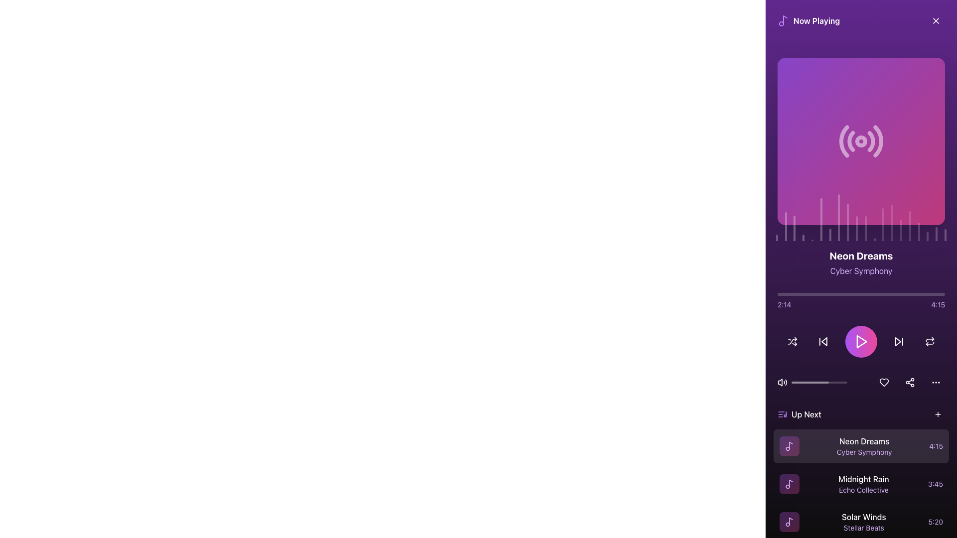  I want to click on the media control button that skips backward to the previous track, which is the second button from the left in the horizontal group of media control buttons in the music player interface, so click(823, 341).